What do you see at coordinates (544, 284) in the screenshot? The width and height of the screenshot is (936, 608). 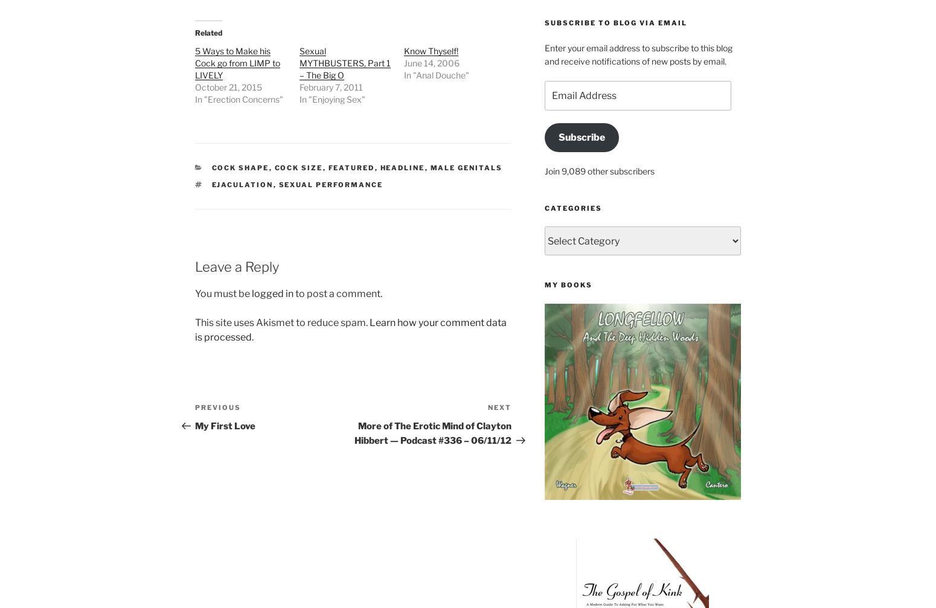 I see `'My Books'` at bounding box center [544, 284].